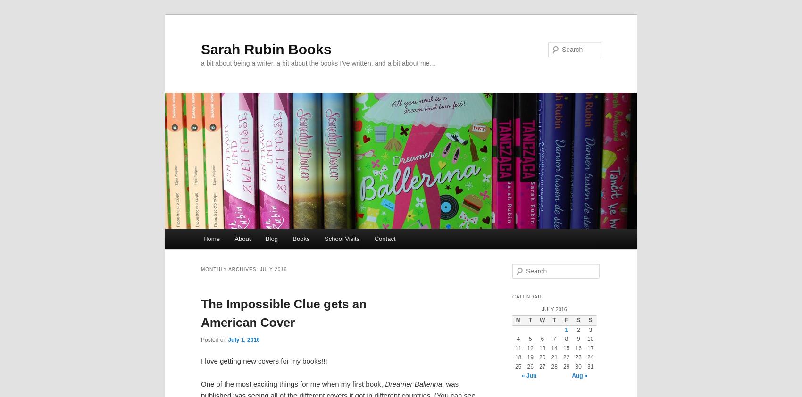 Image resolution: width=802 pixels, height=397 pixels. I want to click on '18', so click(518, 357).